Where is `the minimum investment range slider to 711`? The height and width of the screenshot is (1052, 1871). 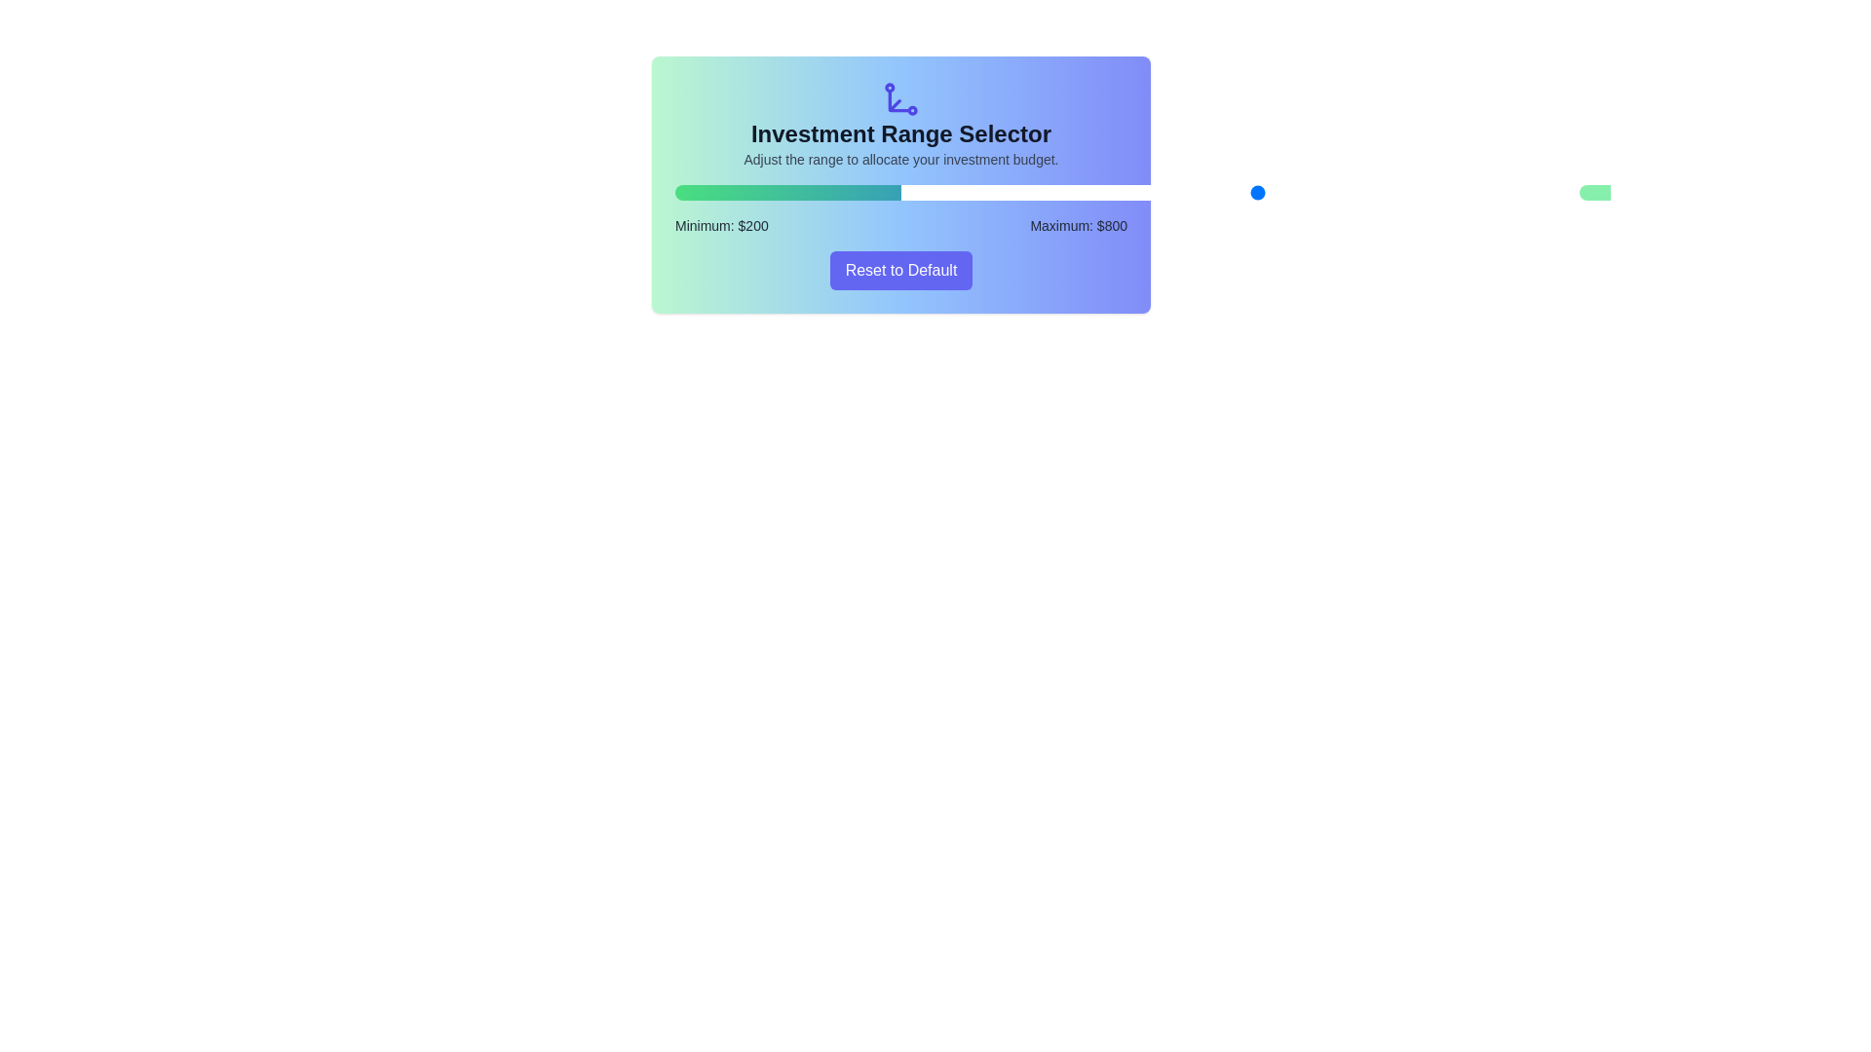
the minimum investment range slider to 711 is located at coordinates (1221, 192).